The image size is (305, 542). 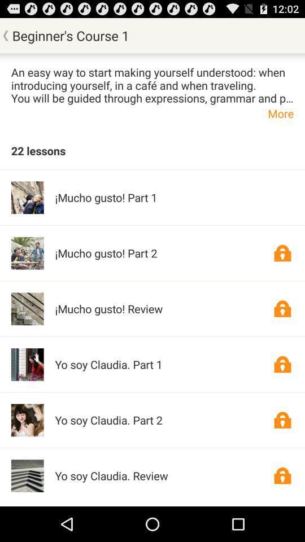 I want to click on the app below an easy way app, so click(x=152, y=113).